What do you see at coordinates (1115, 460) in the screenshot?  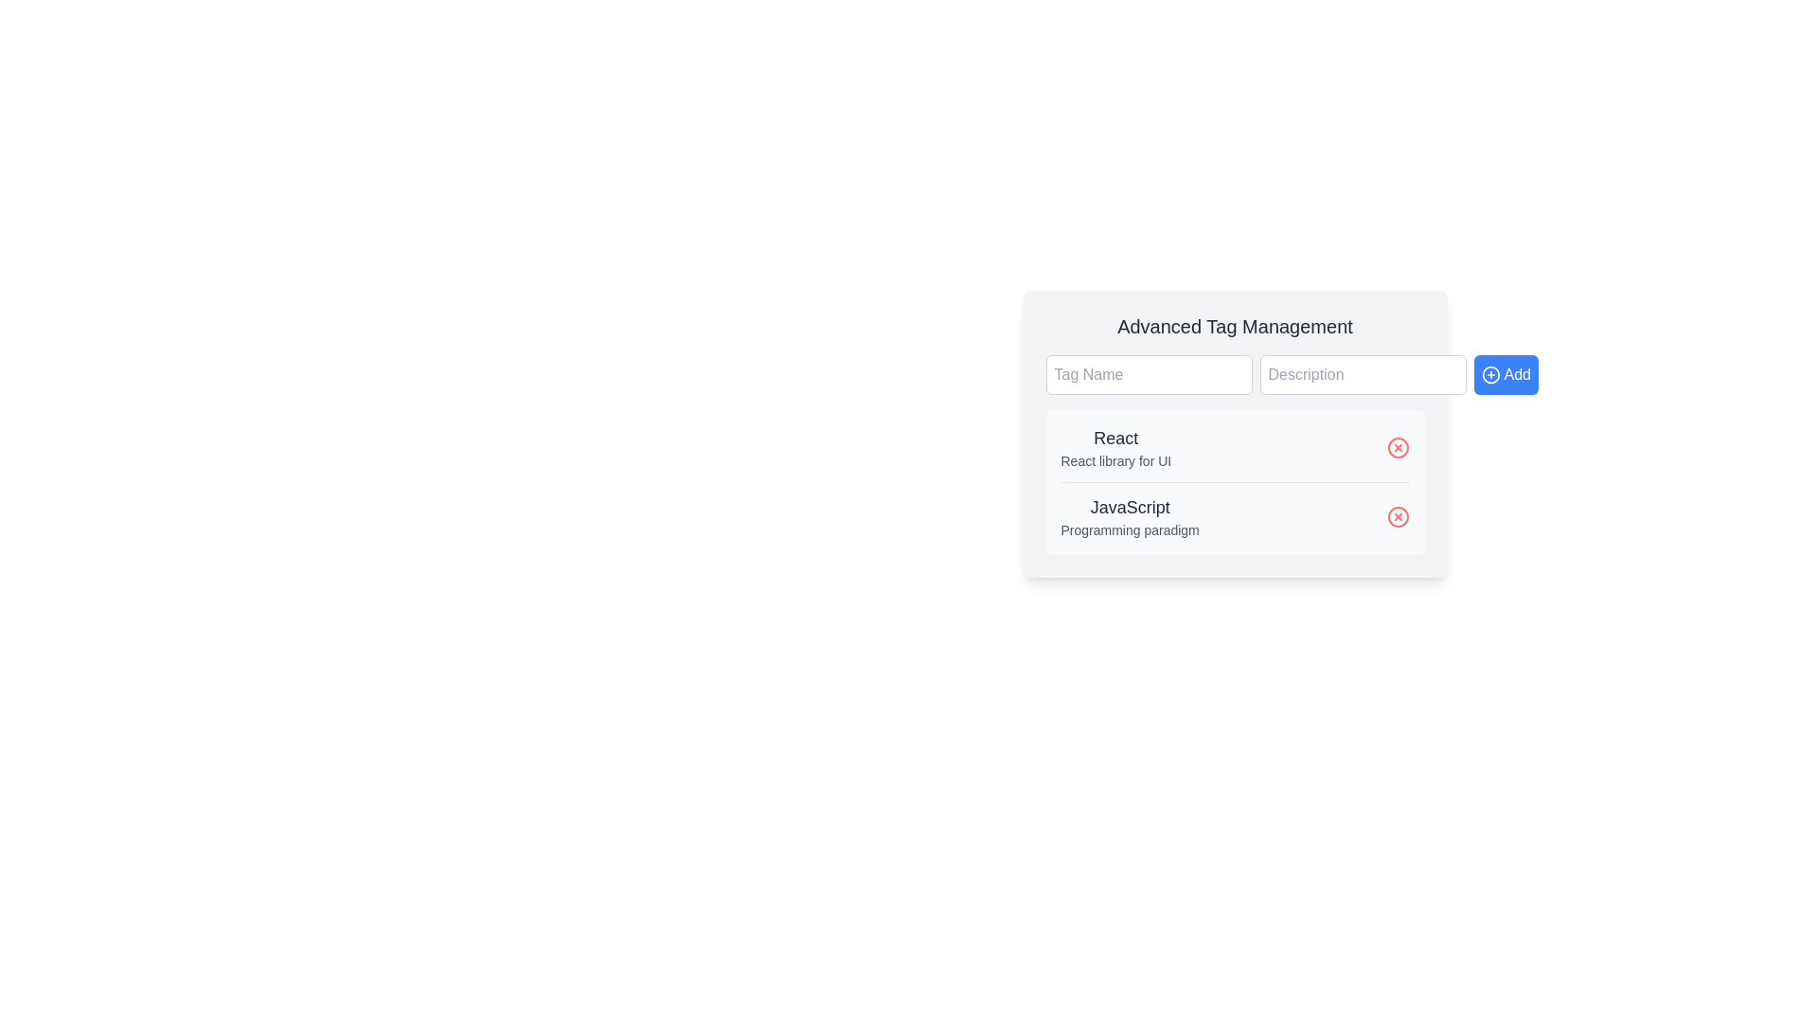 I see `the text label displaying 'React library for UI' which is positioned beneath the bold title 'React' in a panel grouping items` at bounding box center [1115, 460].